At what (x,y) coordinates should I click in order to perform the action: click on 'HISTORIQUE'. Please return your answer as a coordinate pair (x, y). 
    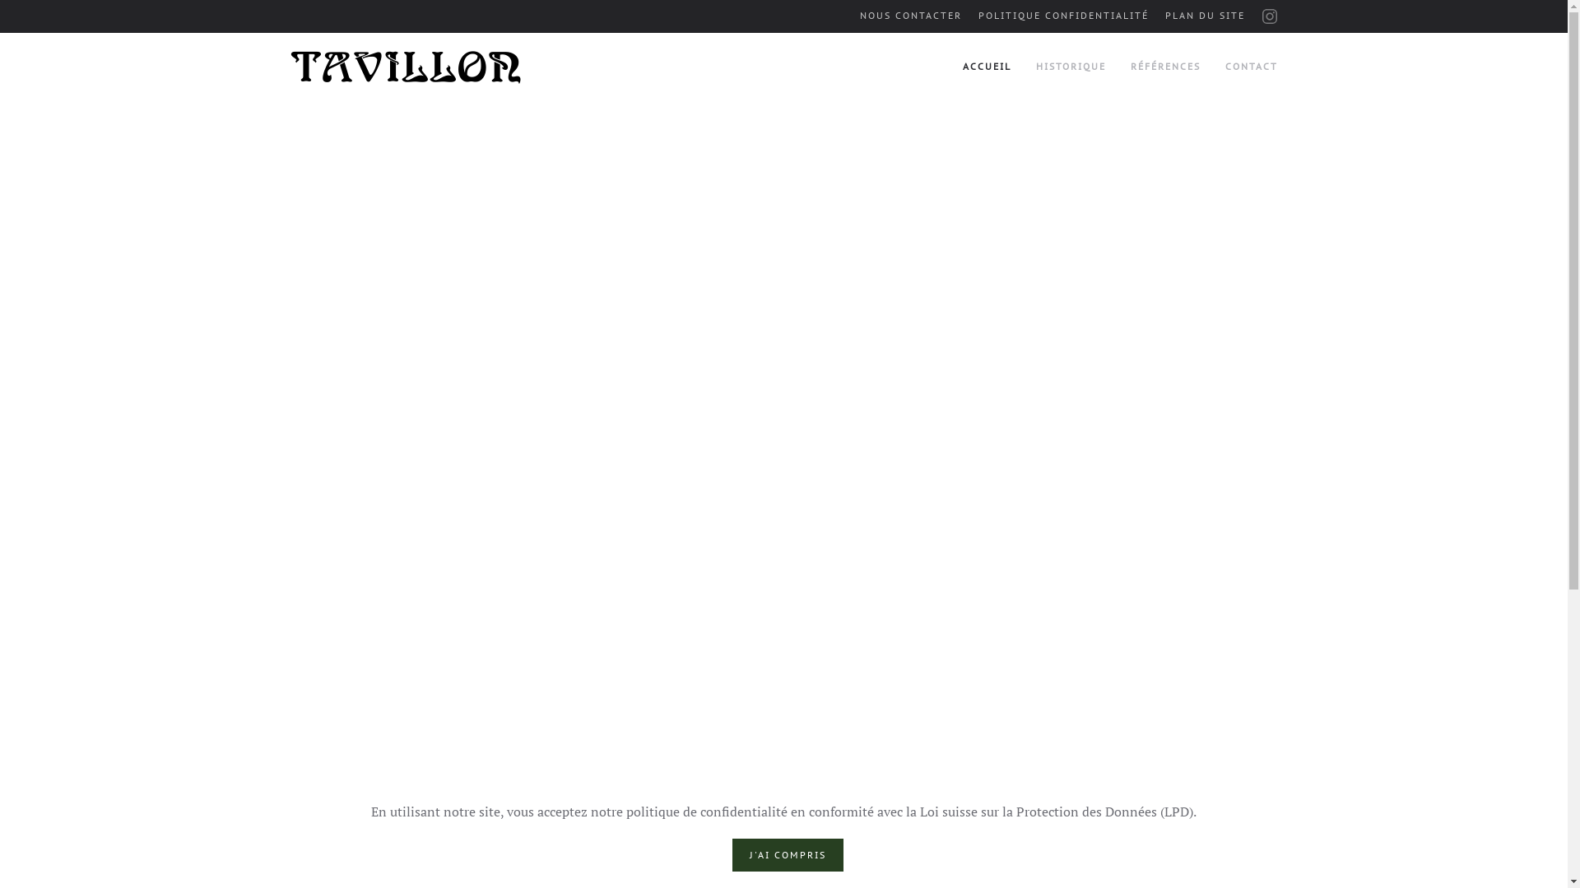
    Looking at the image, I should click on (1070, 66).